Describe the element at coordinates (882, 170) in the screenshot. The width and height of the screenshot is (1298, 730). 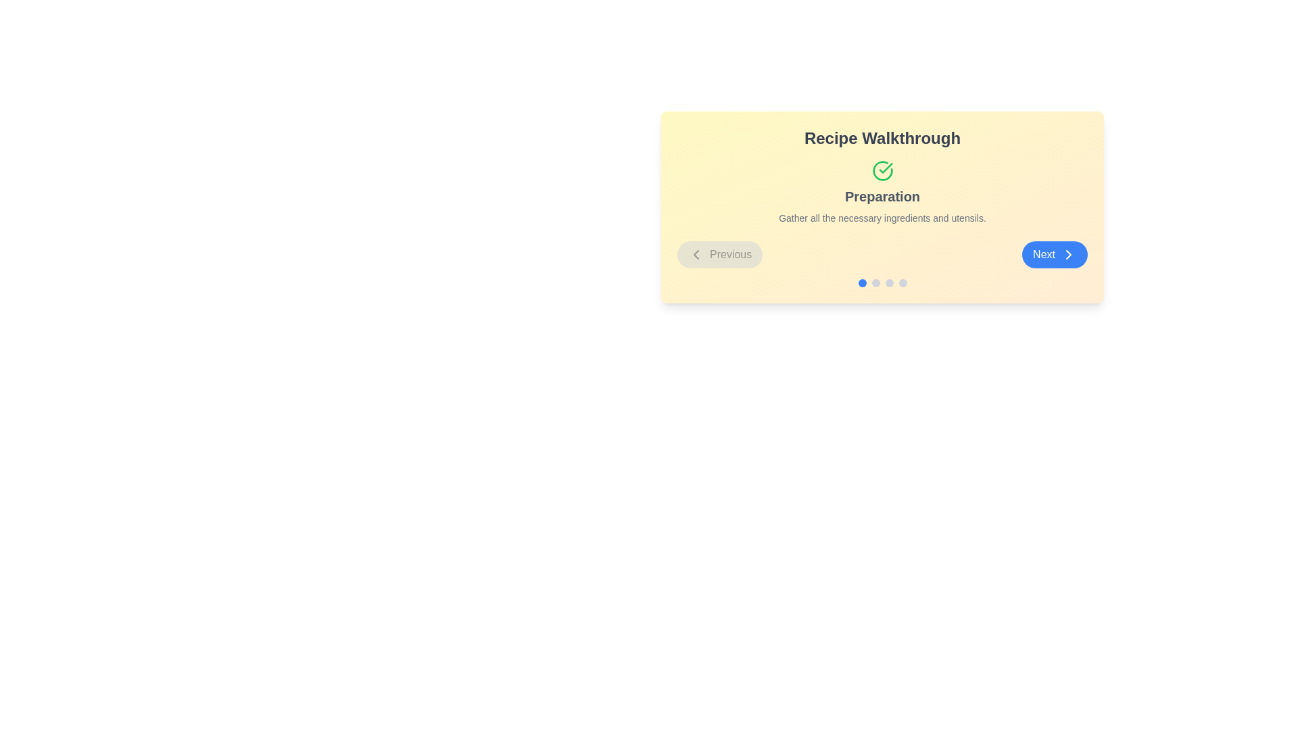
I see `the completion icon located centrally within the 'Preparation' step description card` at that location.